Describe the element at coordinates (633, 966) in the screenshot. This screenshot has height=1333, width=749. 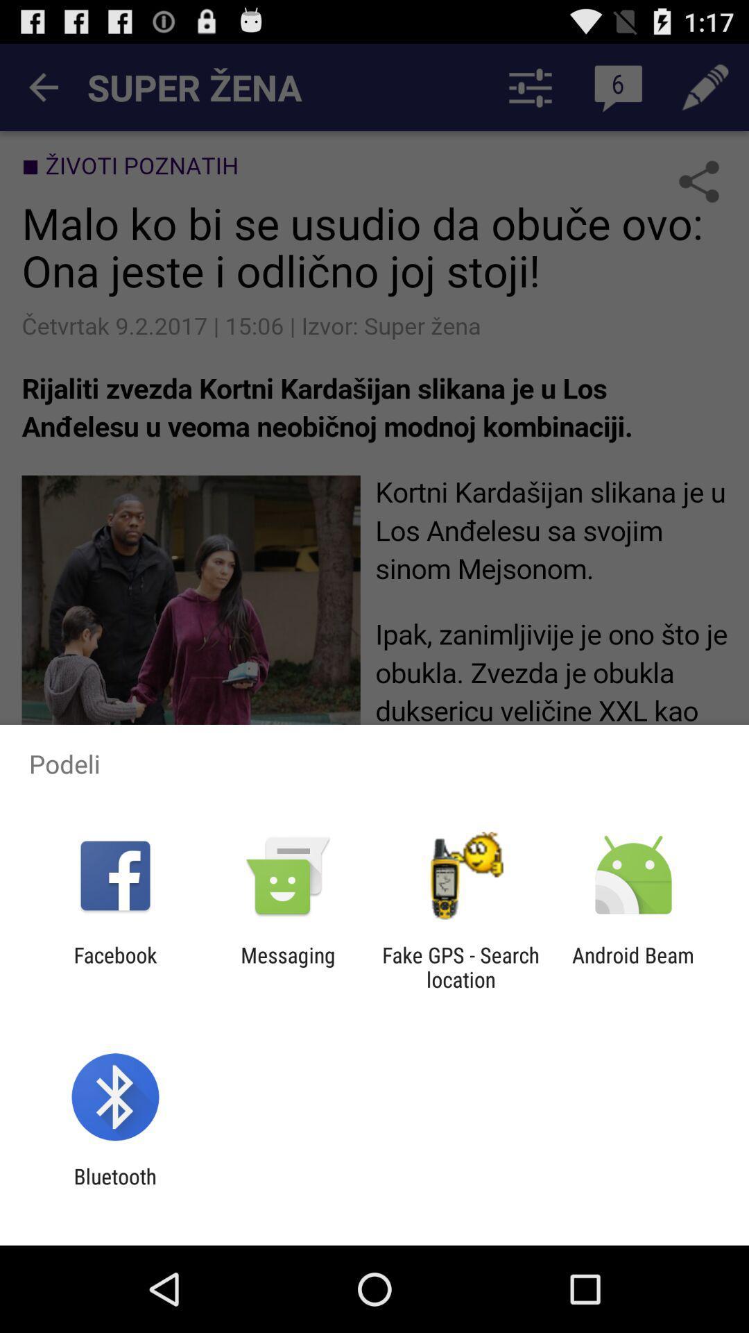
I see `the android beam icon` at that location.